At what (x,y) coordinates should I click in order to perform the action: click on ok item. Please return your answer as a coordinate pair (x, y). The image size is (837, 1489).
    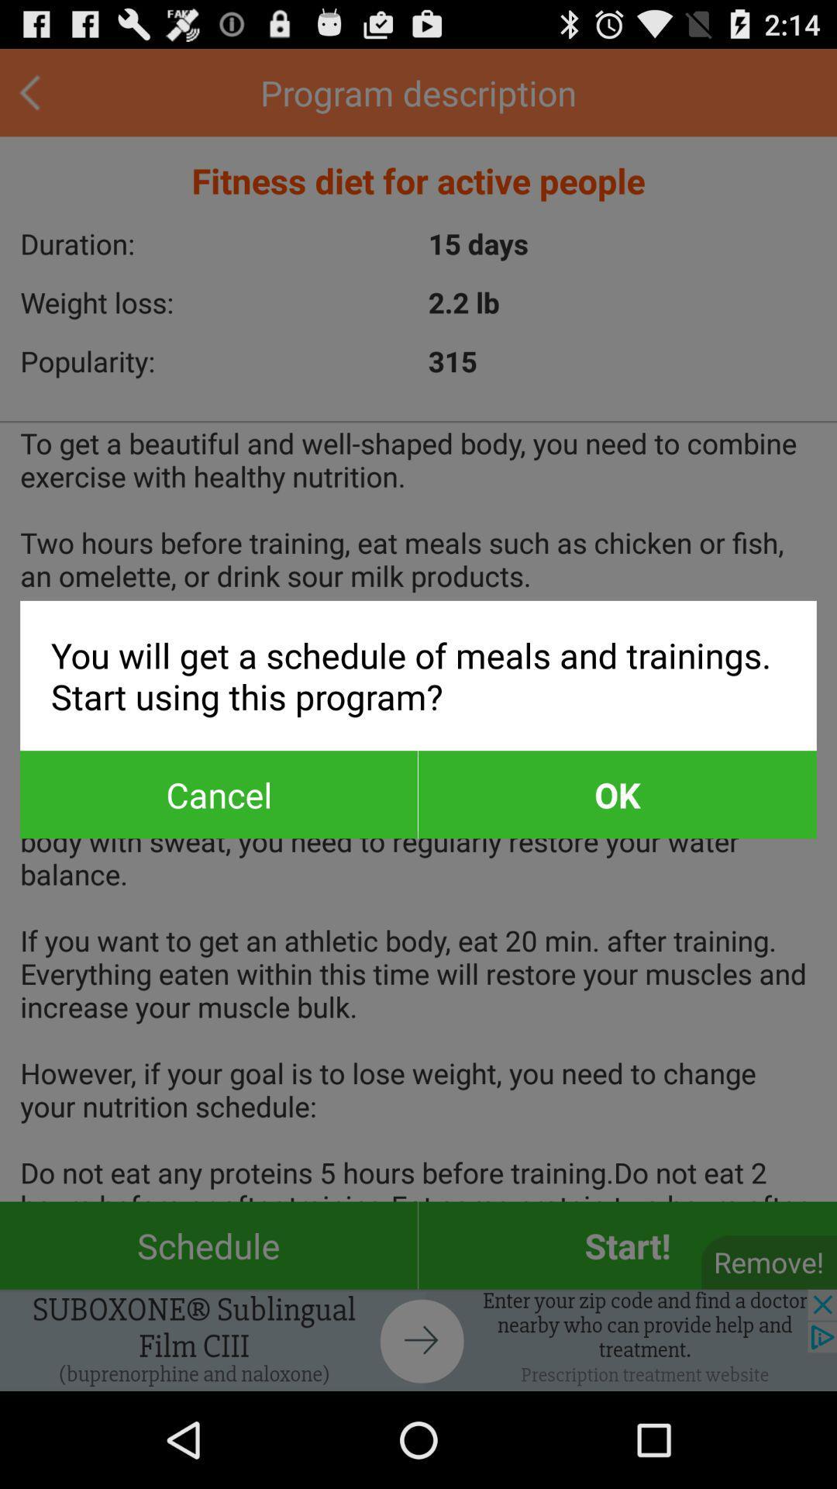
    Looking at the image, I should click on (616, 794).